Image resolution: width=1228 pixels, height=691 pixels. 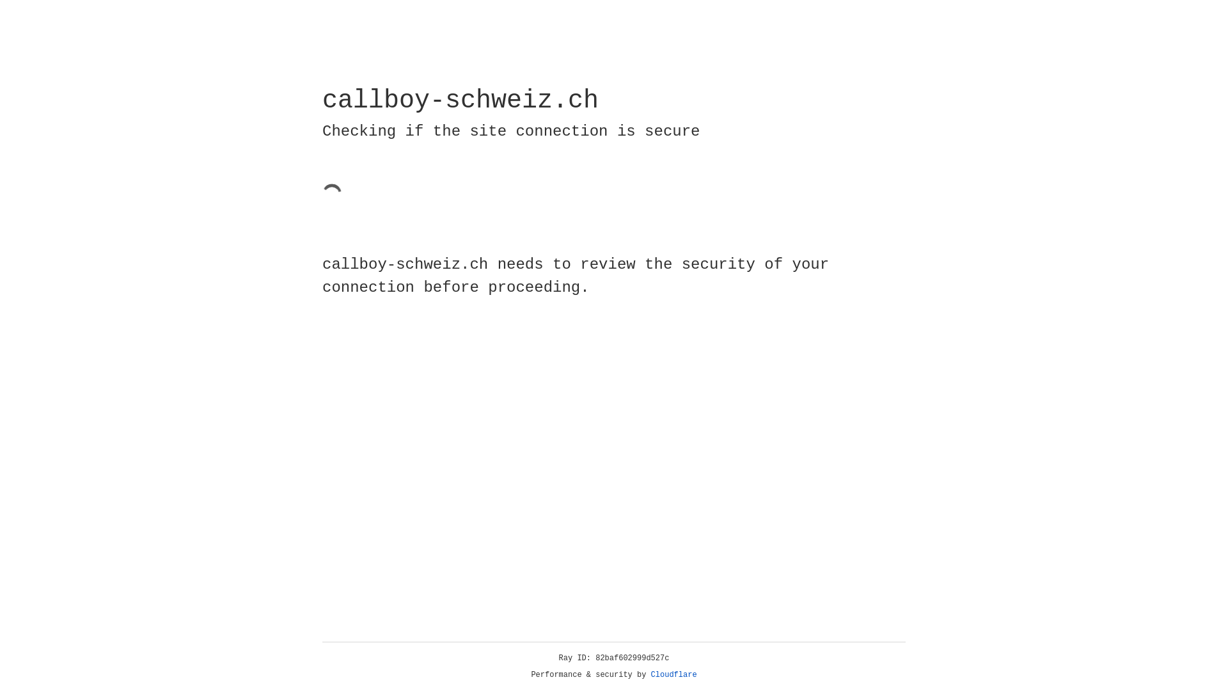 What do you see at coordinates (673, 674) in the screenshot?
I see `'Cloudflare'` at bounding box center [673, 674].